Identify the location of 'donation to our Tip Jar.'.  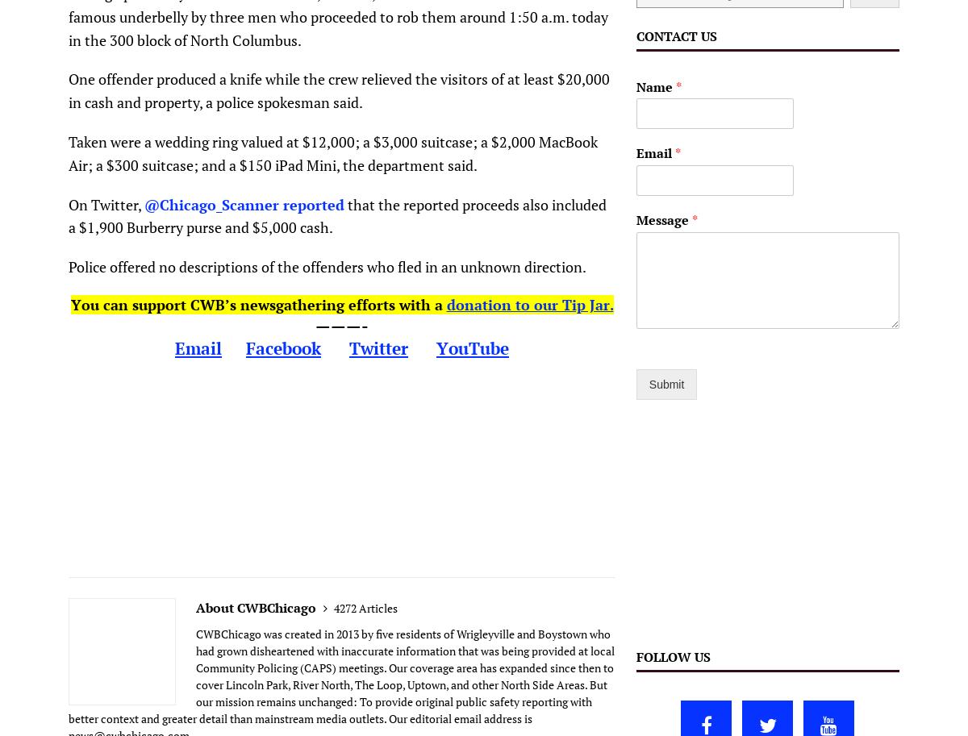
(529, 302).